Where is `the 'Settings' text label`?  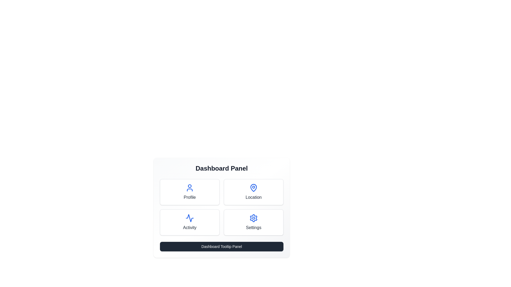 the 'Settings' text label is located at coordinates (253, 227).